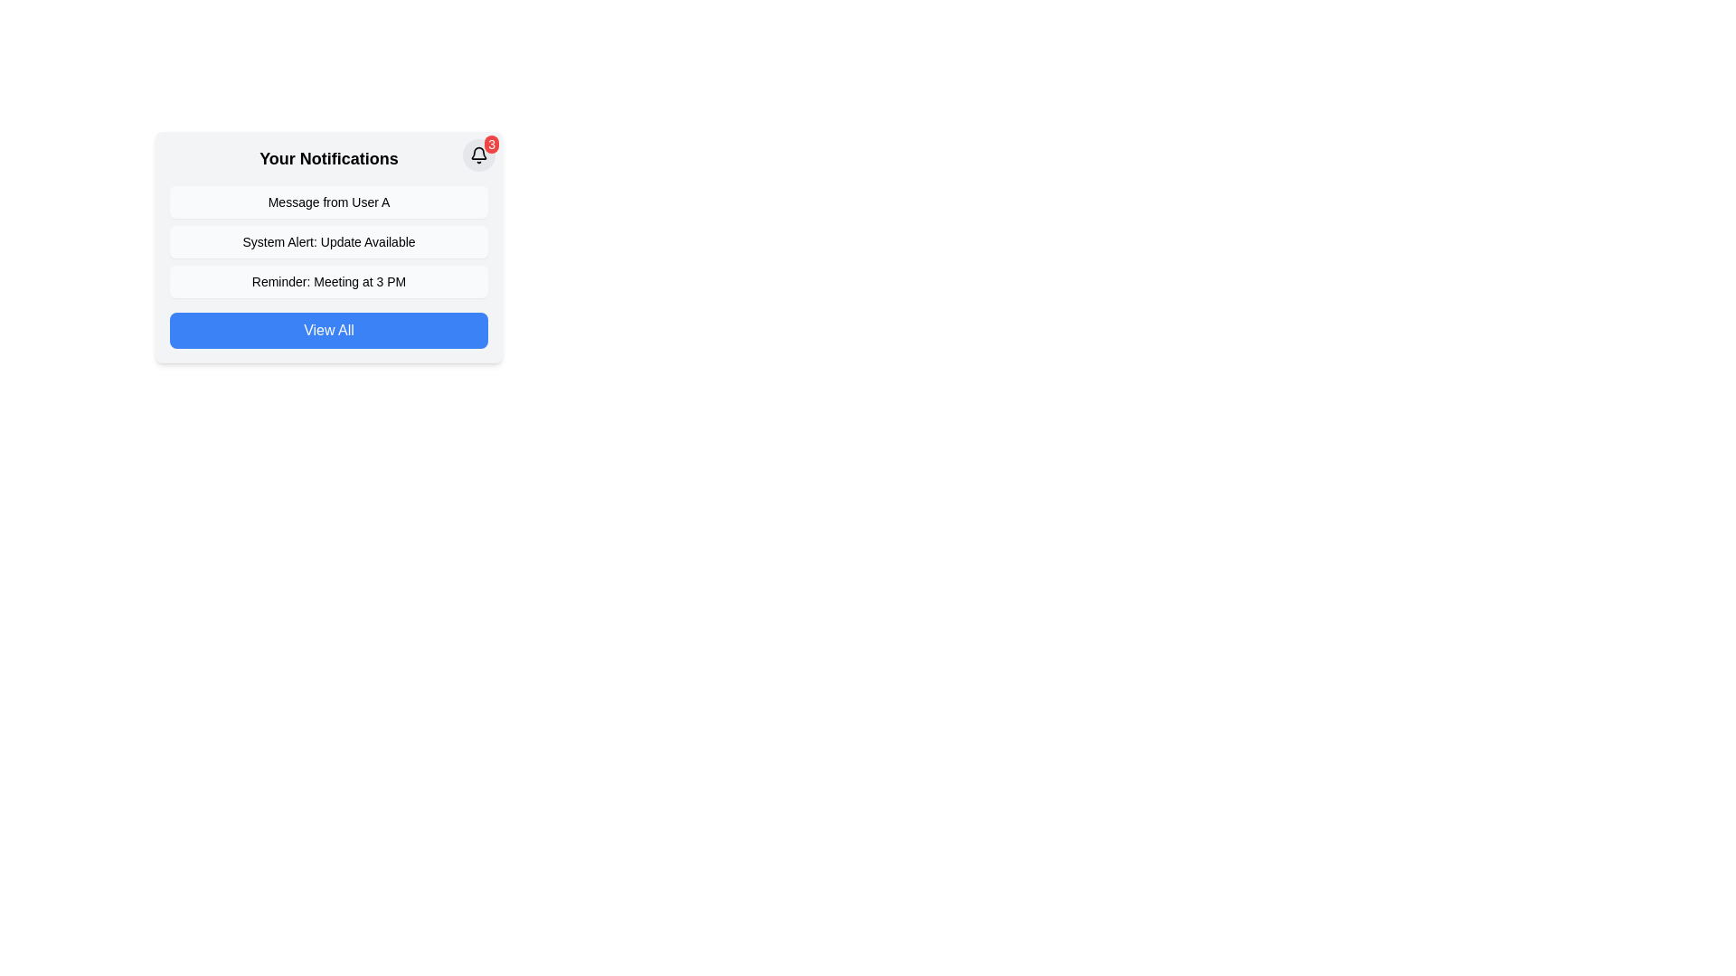 This screenshot has width=1736, height=976. Describe the element at coordinates (329, 240) in the screenshot. I see `the static notification card displaying 'System Alert: Update Available', which is the second item in the notification panel` at that location.